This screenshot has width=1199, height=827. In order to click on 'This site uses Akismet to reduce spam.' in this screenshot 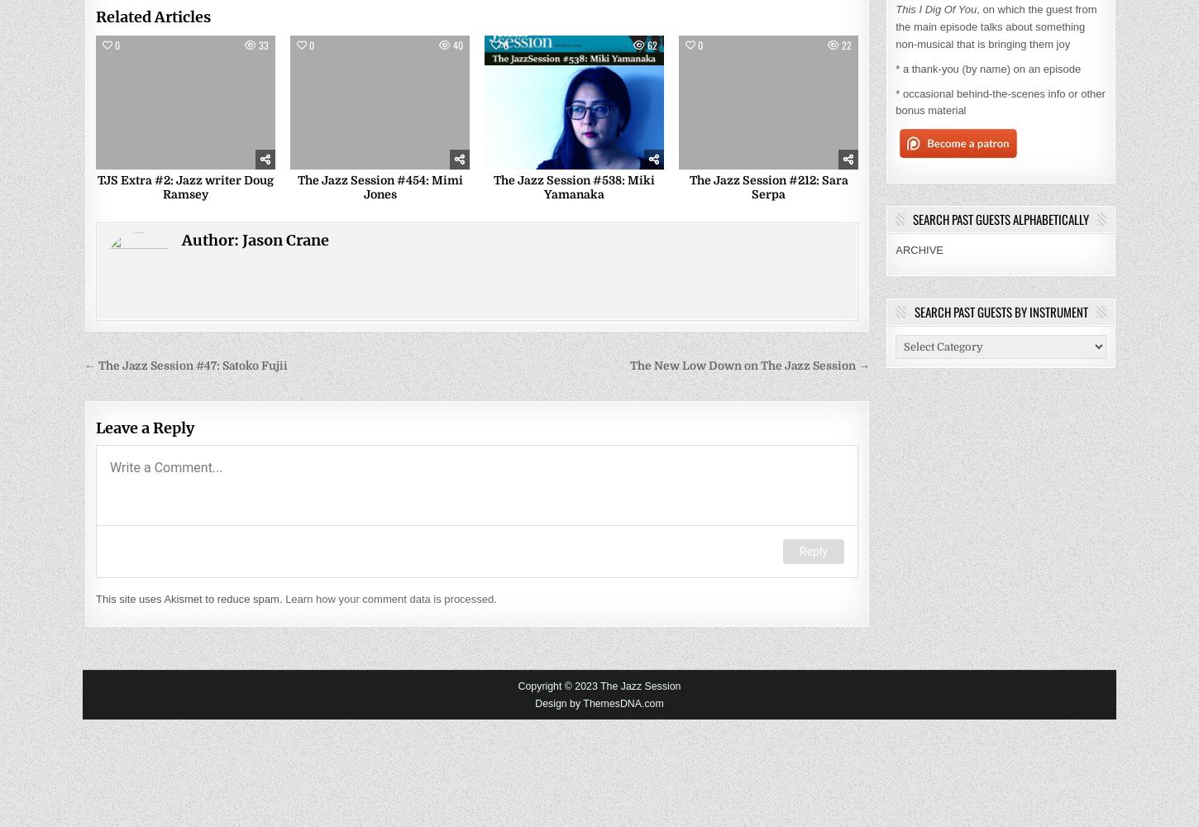, I will do `click(189, 598)`.